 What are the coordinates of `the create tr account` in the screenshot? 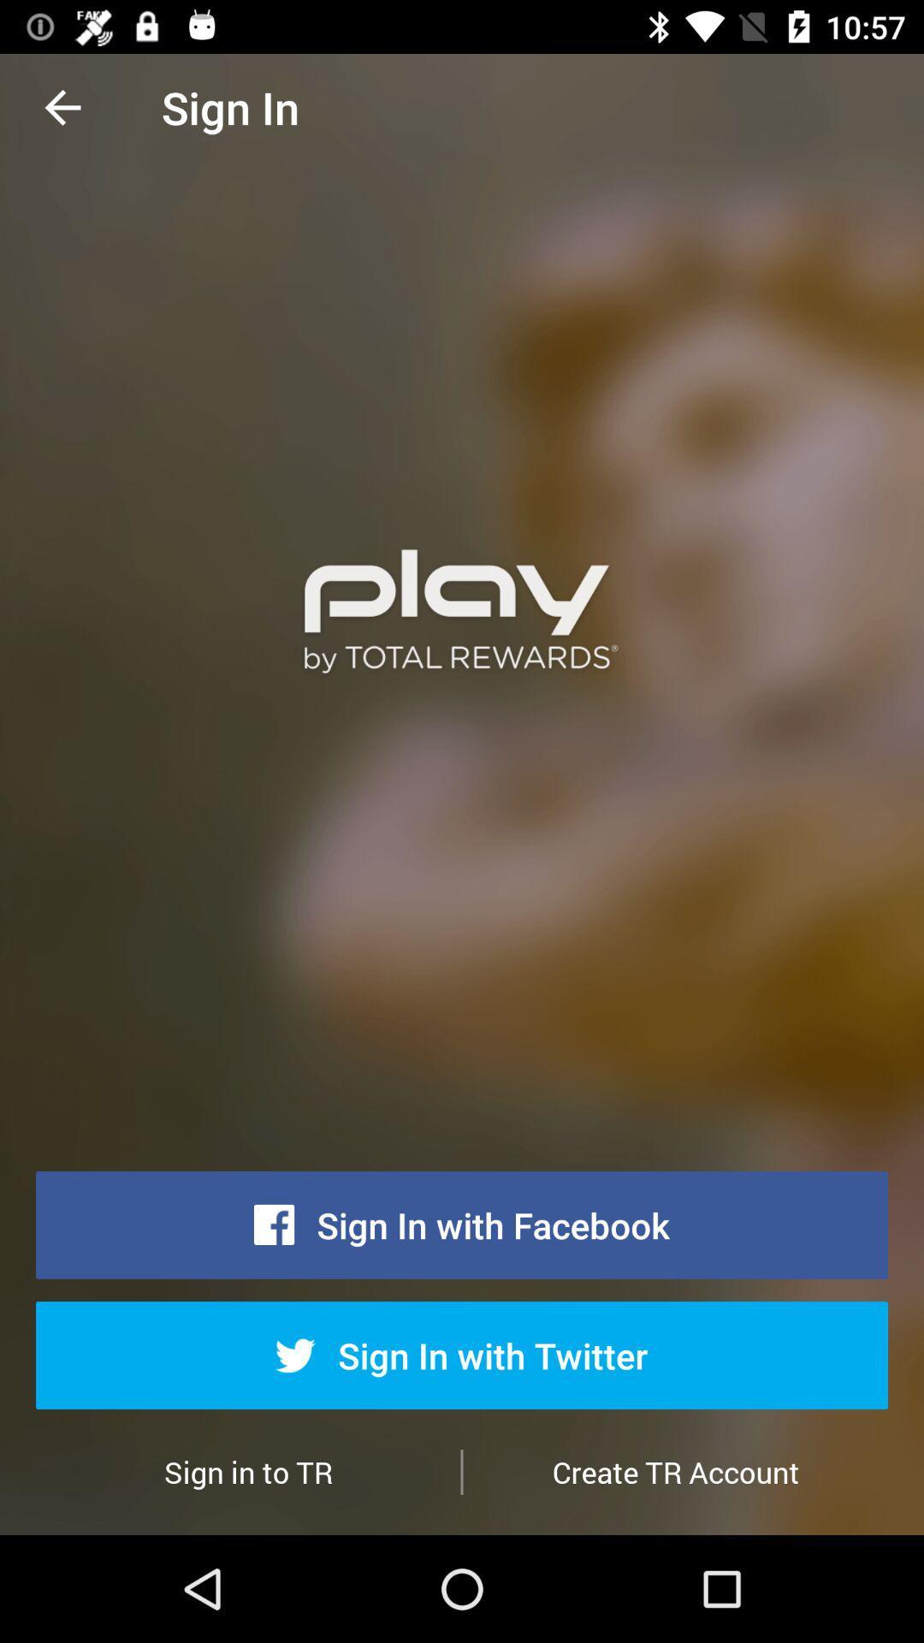 It's located at (674, 1471).